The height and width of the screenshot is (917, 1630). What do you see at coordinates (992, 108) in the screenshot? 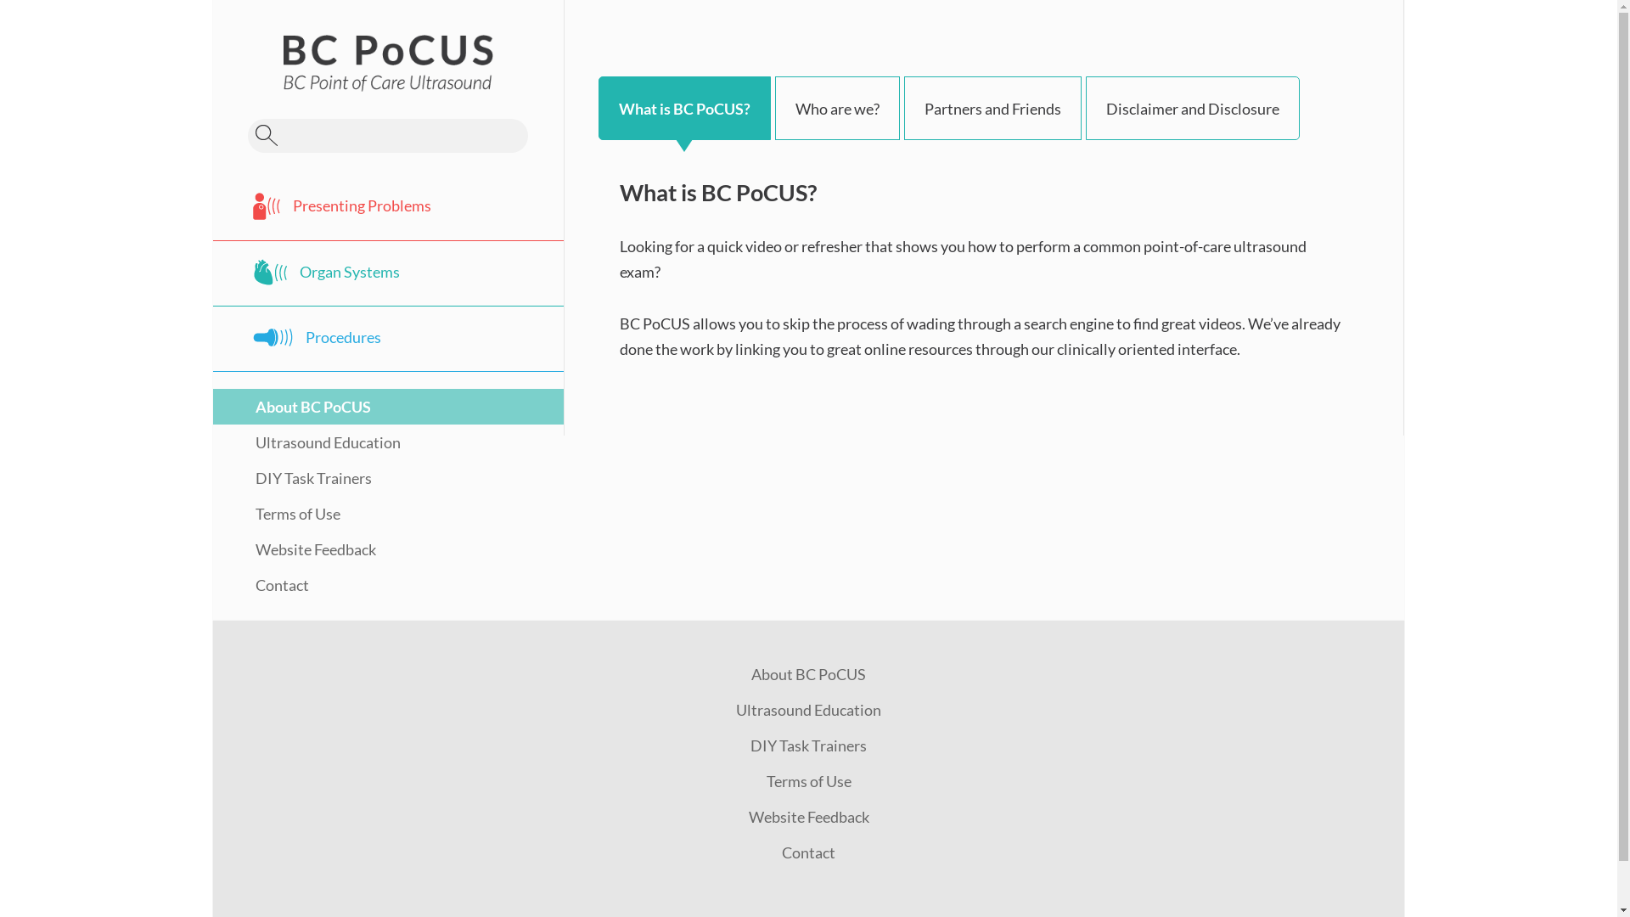
I see `'Partners and Friends'` at bounding box center [992, 108].